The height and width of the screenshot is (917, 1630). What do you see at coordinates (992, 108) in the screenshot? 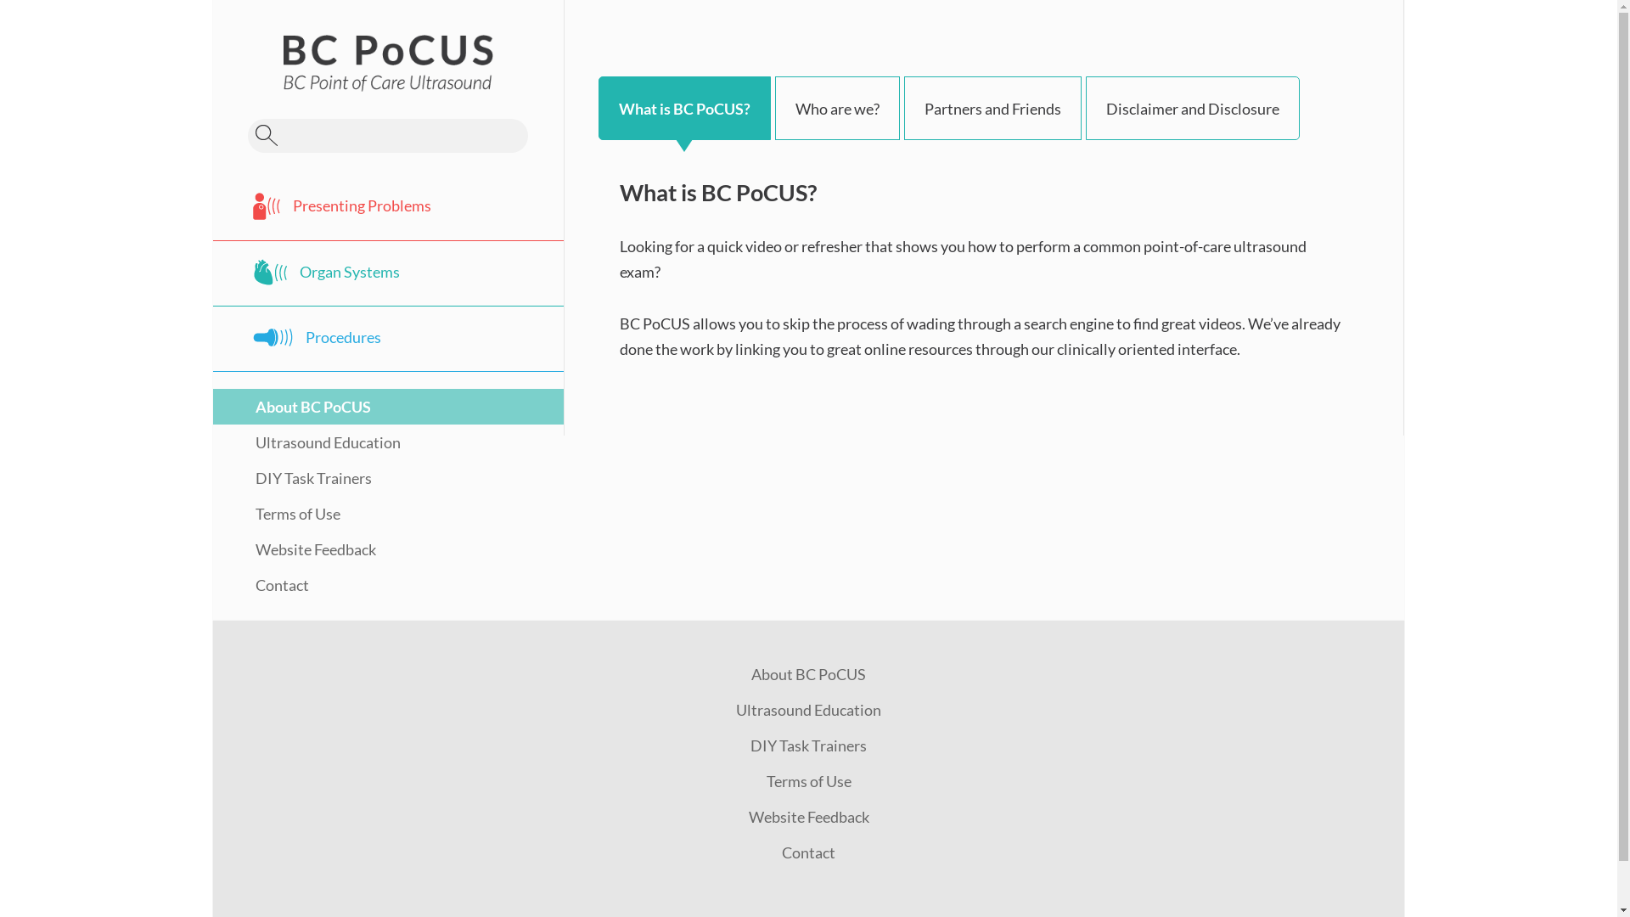
I see `'Partners and Friends'` at bounding box center [992, 108].